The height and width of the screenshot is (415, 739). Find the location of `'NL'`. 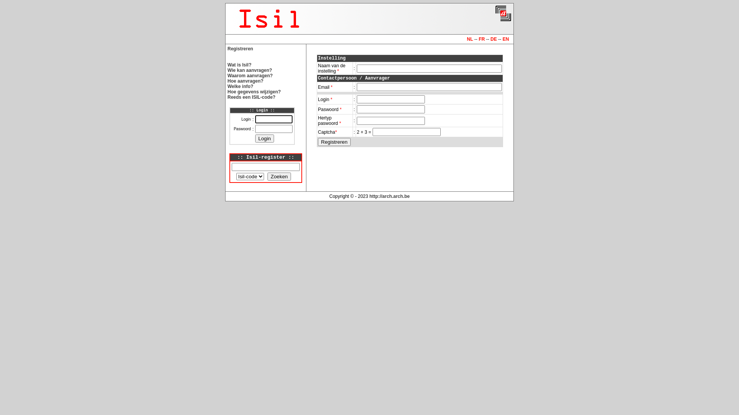

'NL' is located at coordinates (469, 39).